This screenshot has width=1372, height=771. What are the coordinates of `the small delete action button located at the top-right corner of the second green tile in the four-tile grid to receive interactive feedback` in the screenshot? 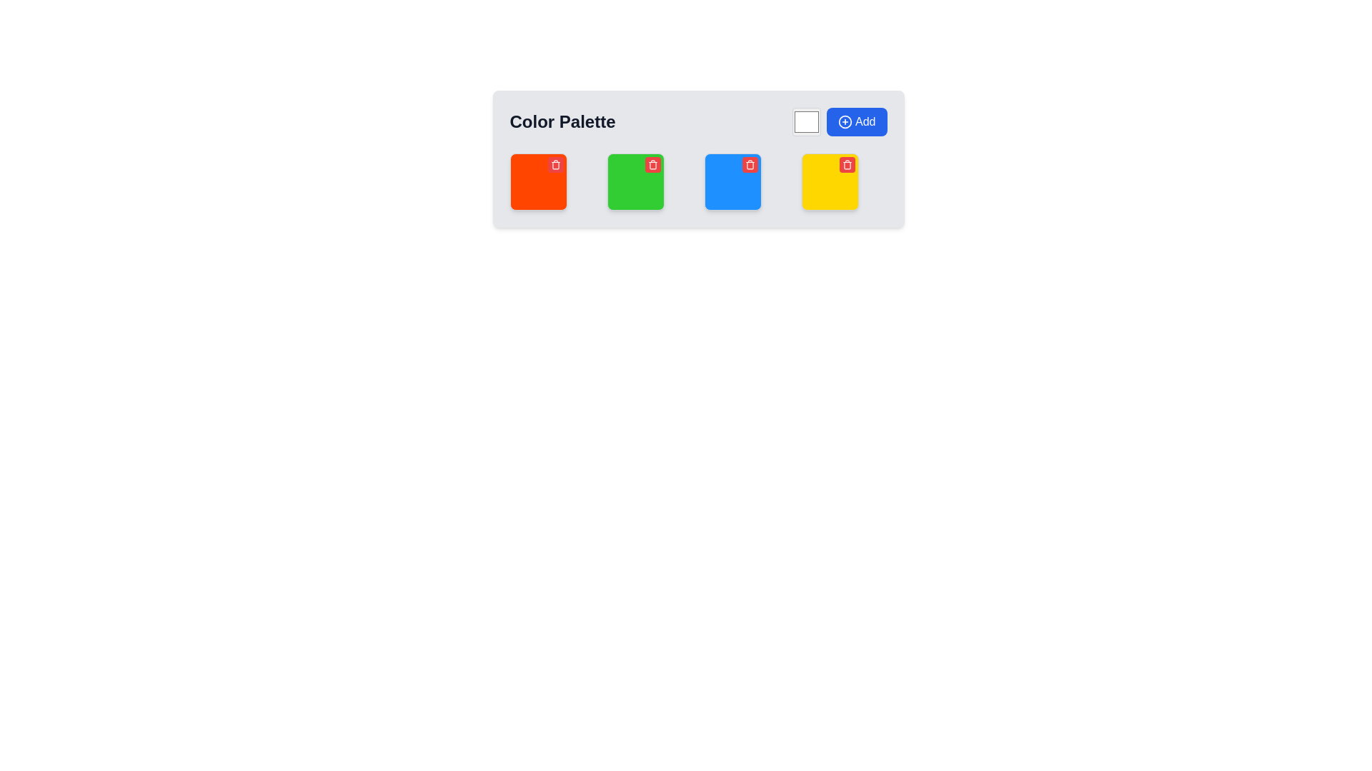 It's located at (652, 164).